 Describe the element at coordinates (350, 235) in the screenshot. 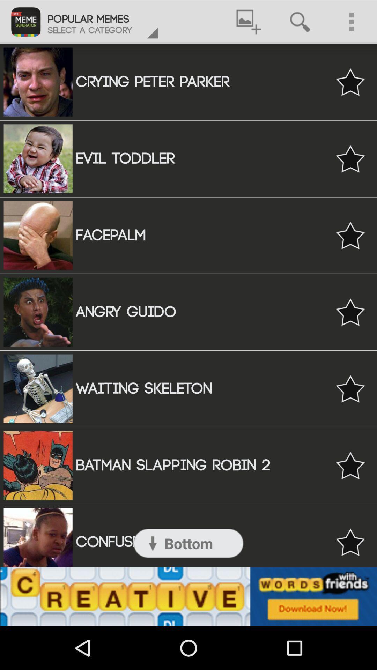

I see `choose this item` at that location.